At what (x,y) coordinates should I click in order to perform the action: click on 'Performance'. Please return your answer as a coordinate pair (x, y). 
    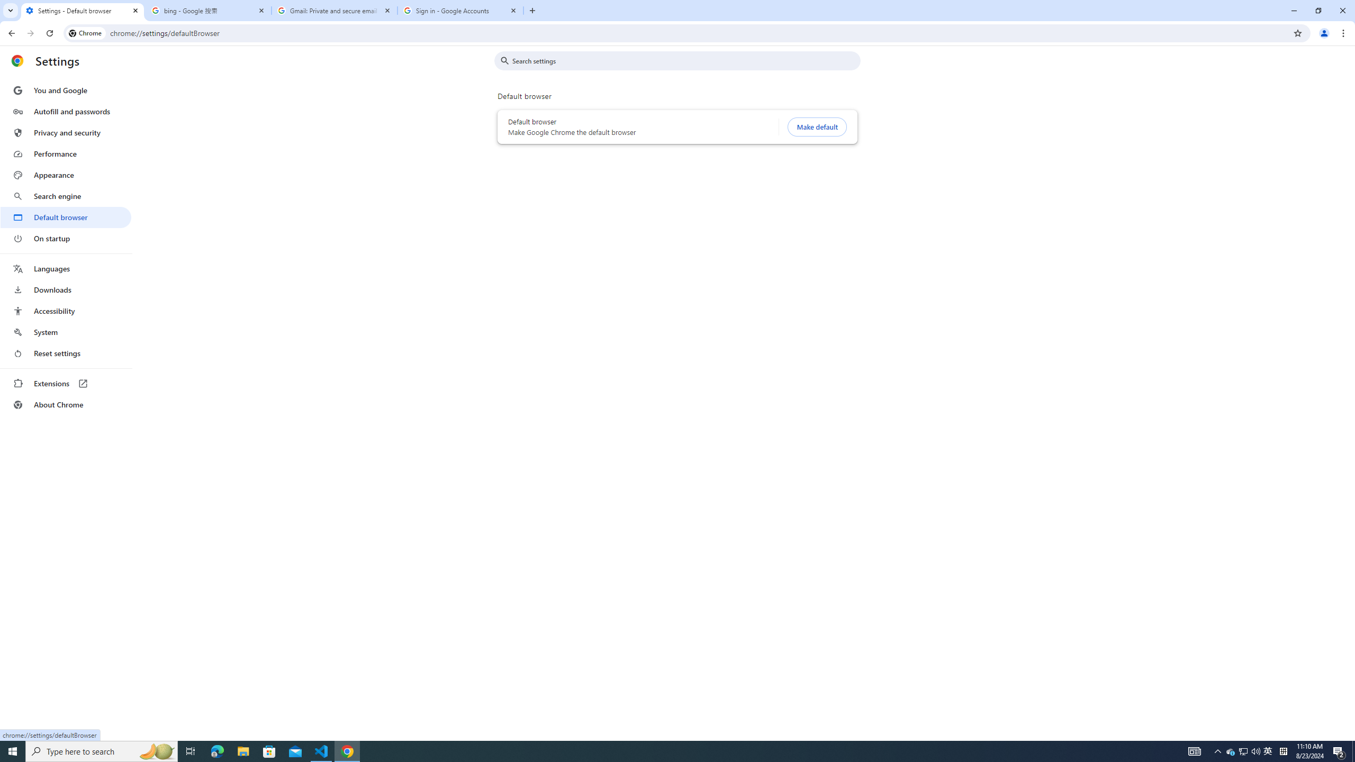
    Looking at the image, I should click on (65, 153).